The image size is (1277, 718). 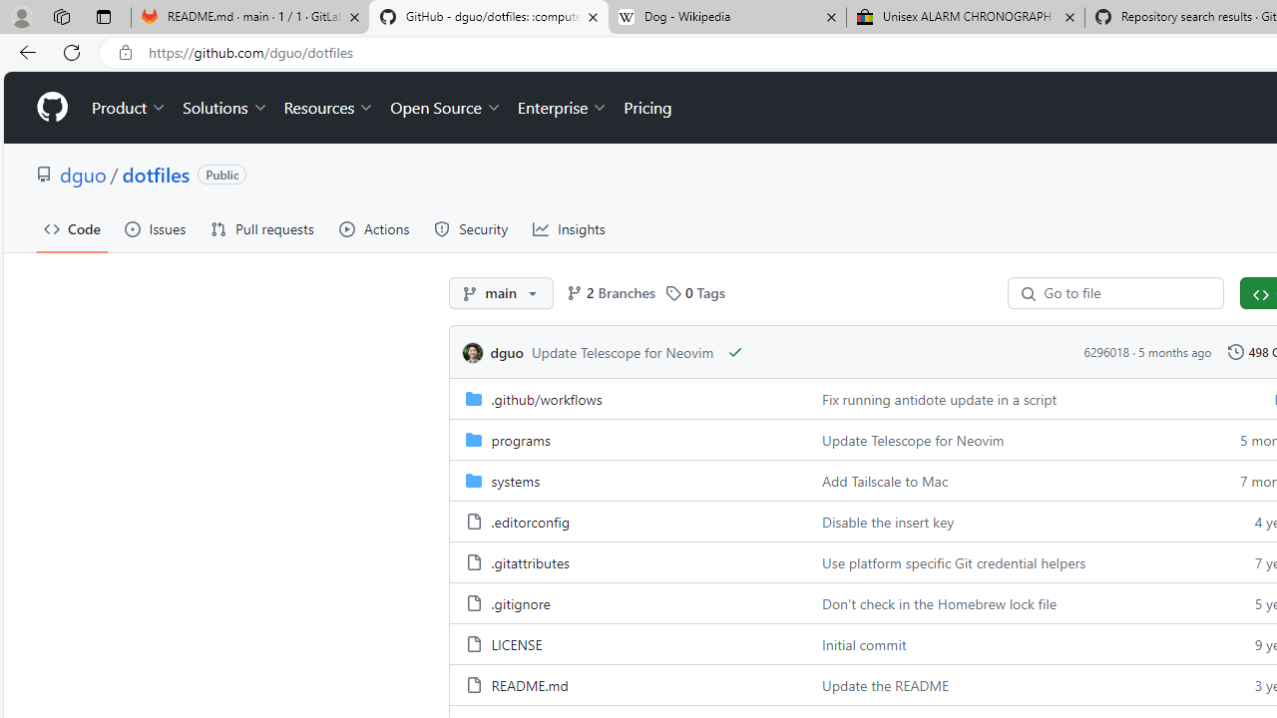 I want to click on 'main branch', so click(x=501, y=293).